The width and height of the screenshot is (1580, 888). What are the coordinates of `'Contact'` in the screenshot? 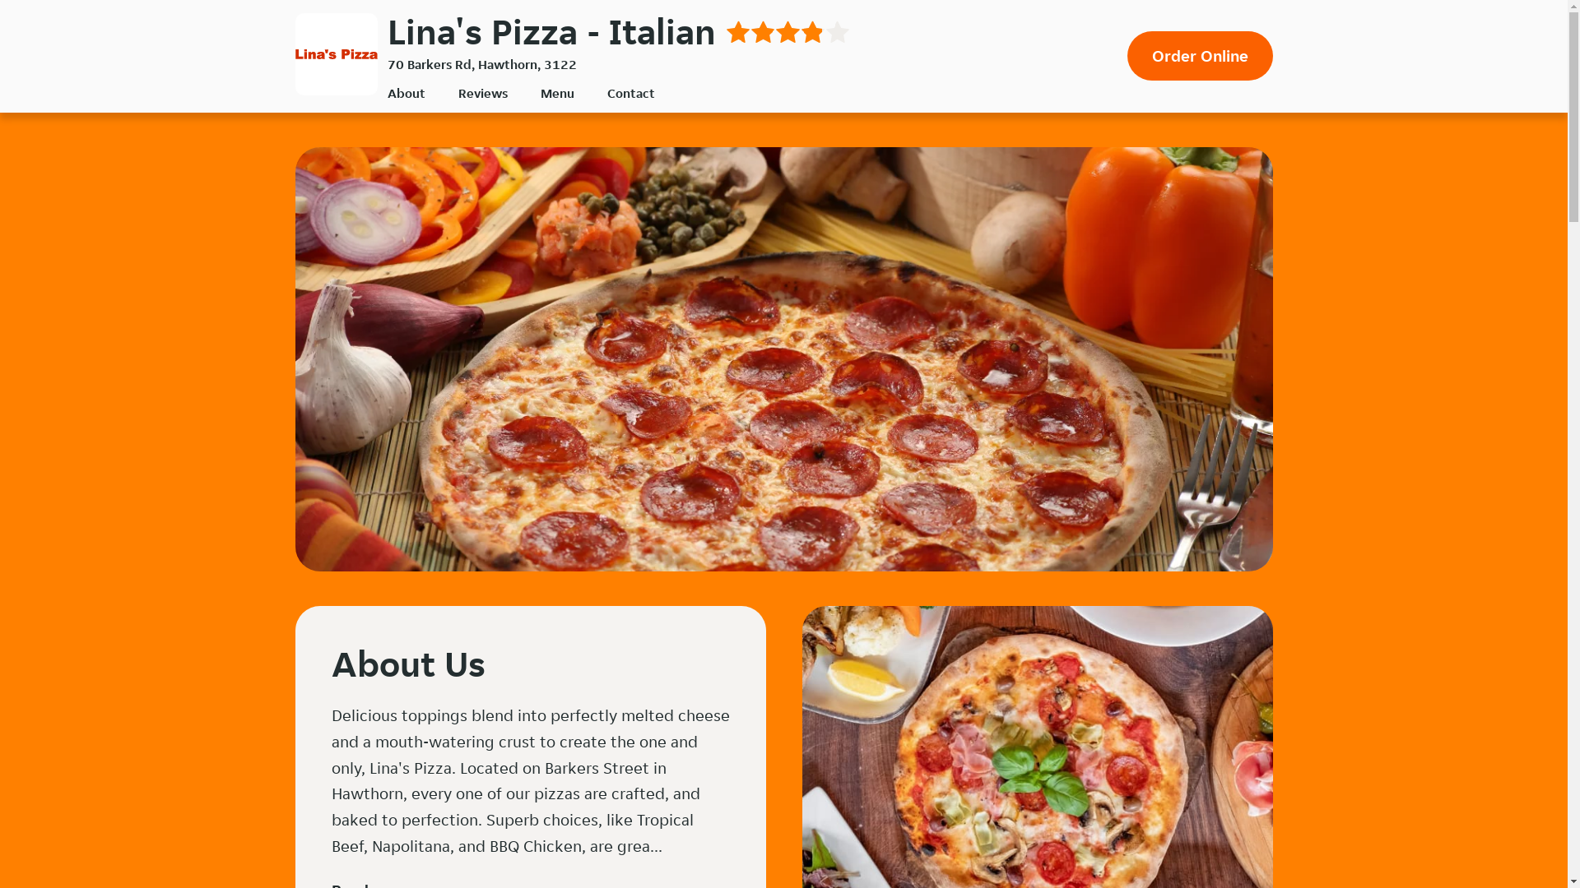 It's located at (630, 93).